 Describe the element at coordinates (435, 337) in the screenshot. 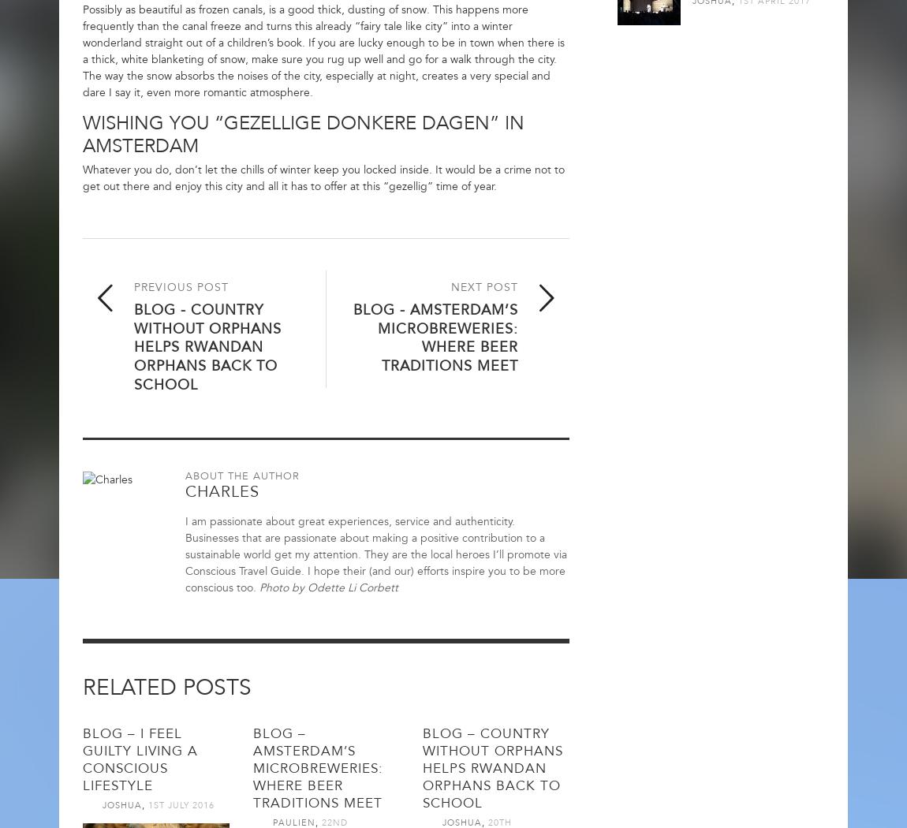

I see `'Blog - Amsterdam’s microbreweries: where beer traditions meet'` at that location.